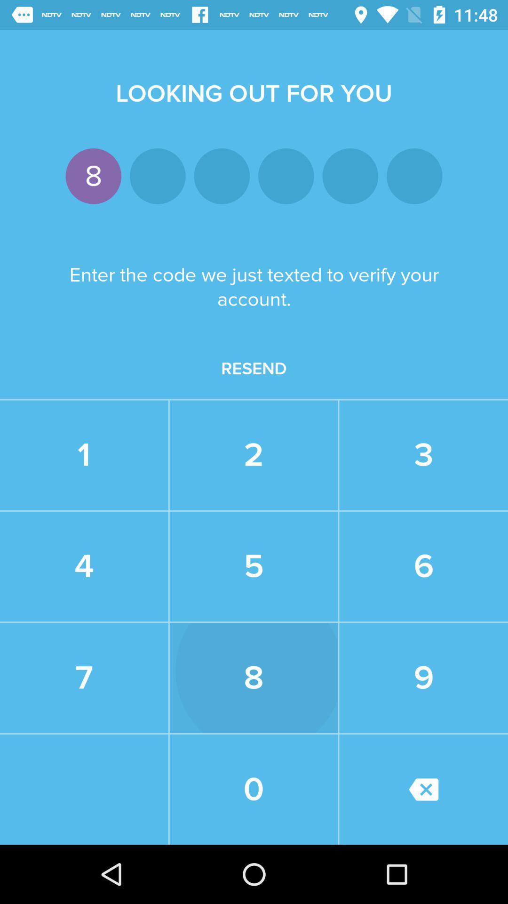  I want to click on 9, so click(424, 678).